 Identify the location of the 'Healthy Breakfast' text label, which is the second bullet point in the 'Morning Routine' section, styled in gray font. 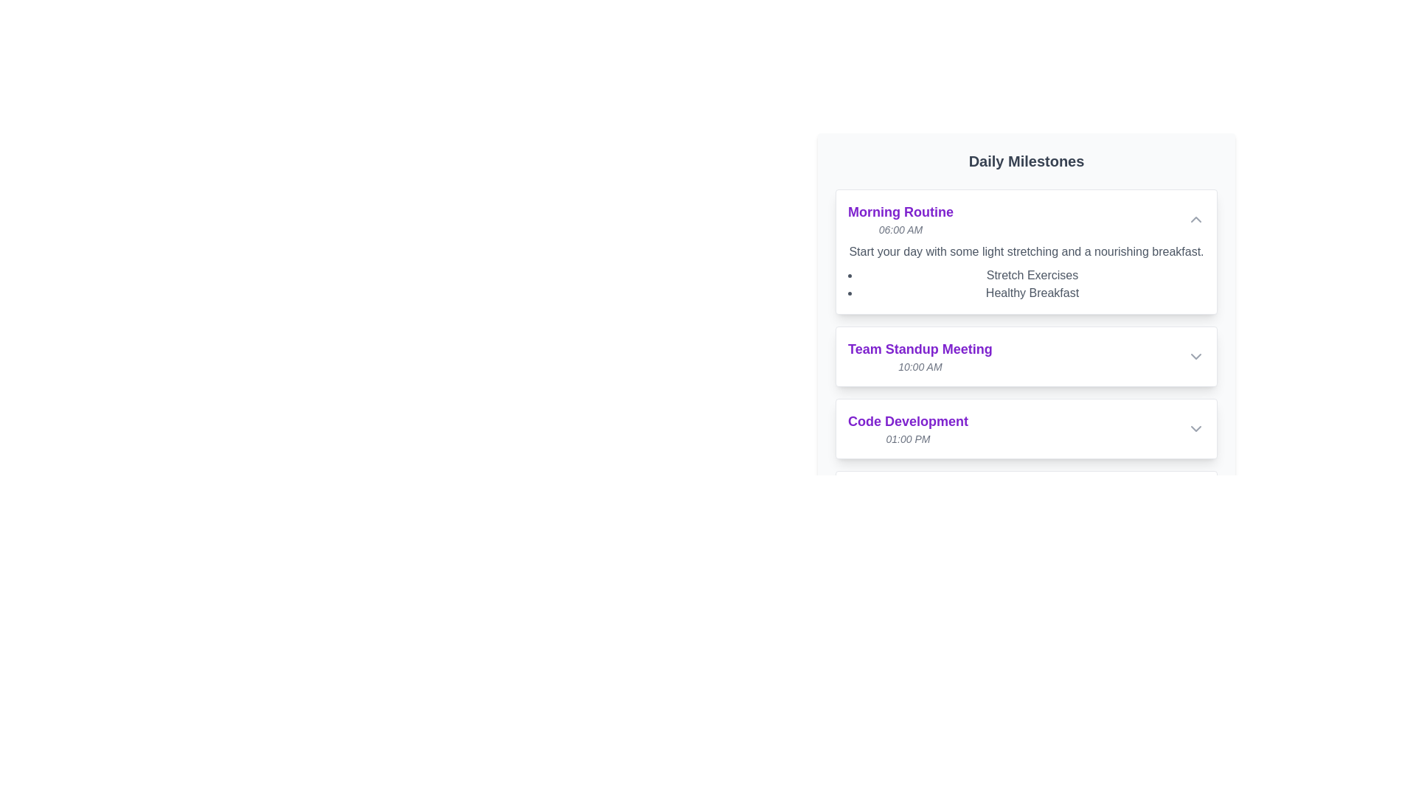
(1032, 293).